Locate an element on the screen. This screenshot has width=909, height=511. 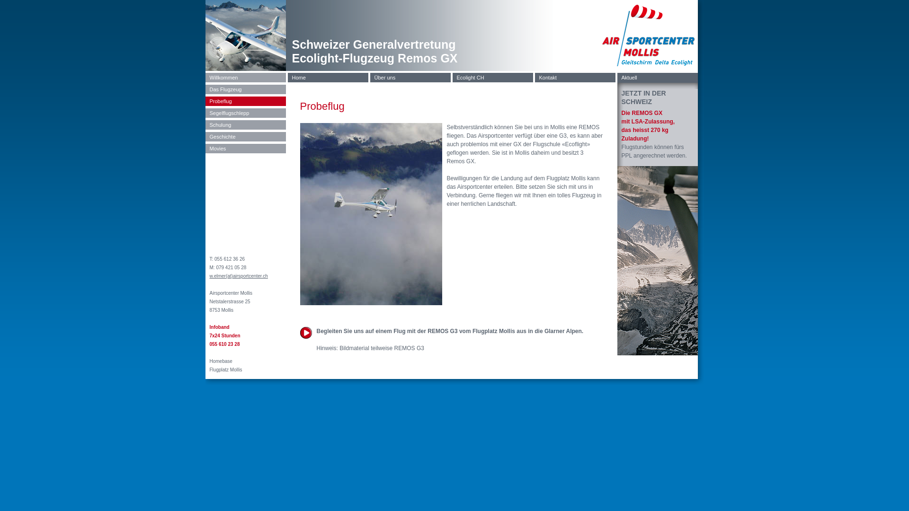
'Home' is located at coordinates (328, 77).